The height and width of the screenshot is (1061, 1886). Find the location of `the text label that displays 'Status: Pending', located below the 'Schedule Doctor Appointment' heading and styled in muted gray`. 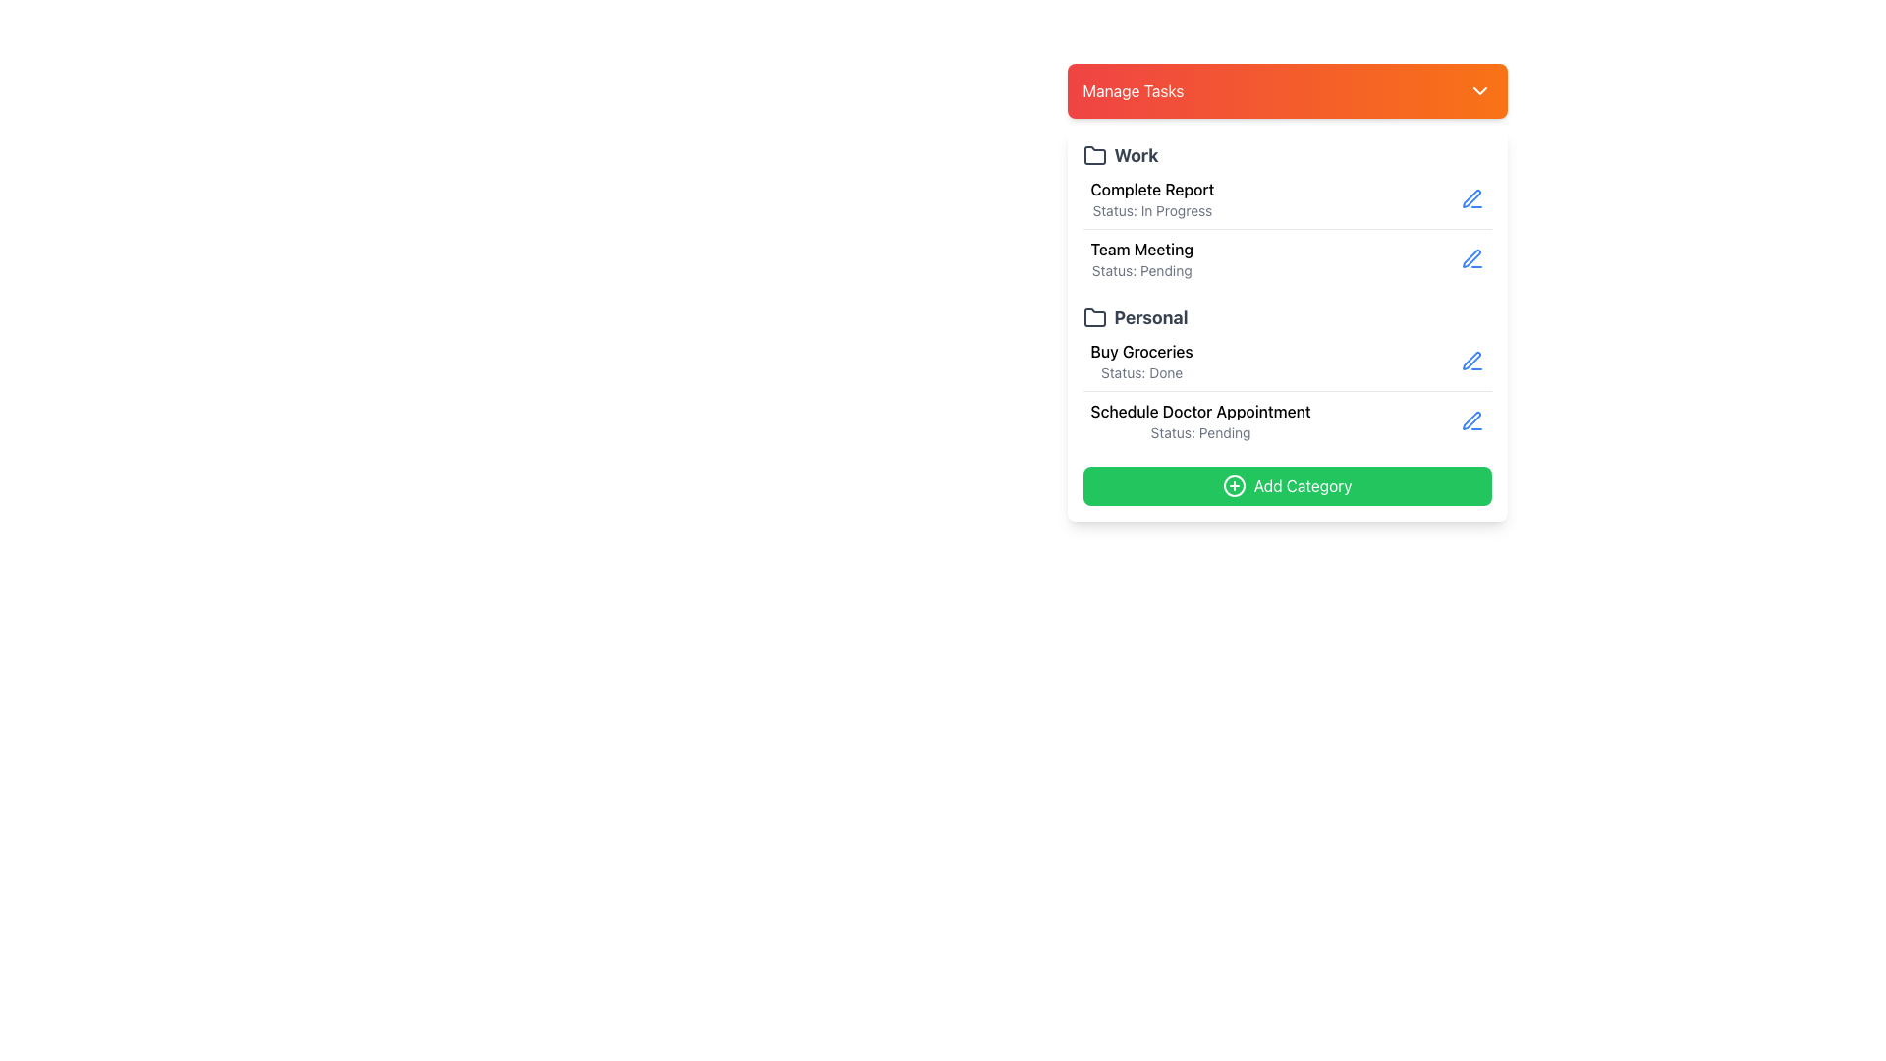

the text label that displays 'Status: Pending', located below the 'Schedule Doctor Appointment' heading and styled in muted gray is located at coordinates (1199, 431).